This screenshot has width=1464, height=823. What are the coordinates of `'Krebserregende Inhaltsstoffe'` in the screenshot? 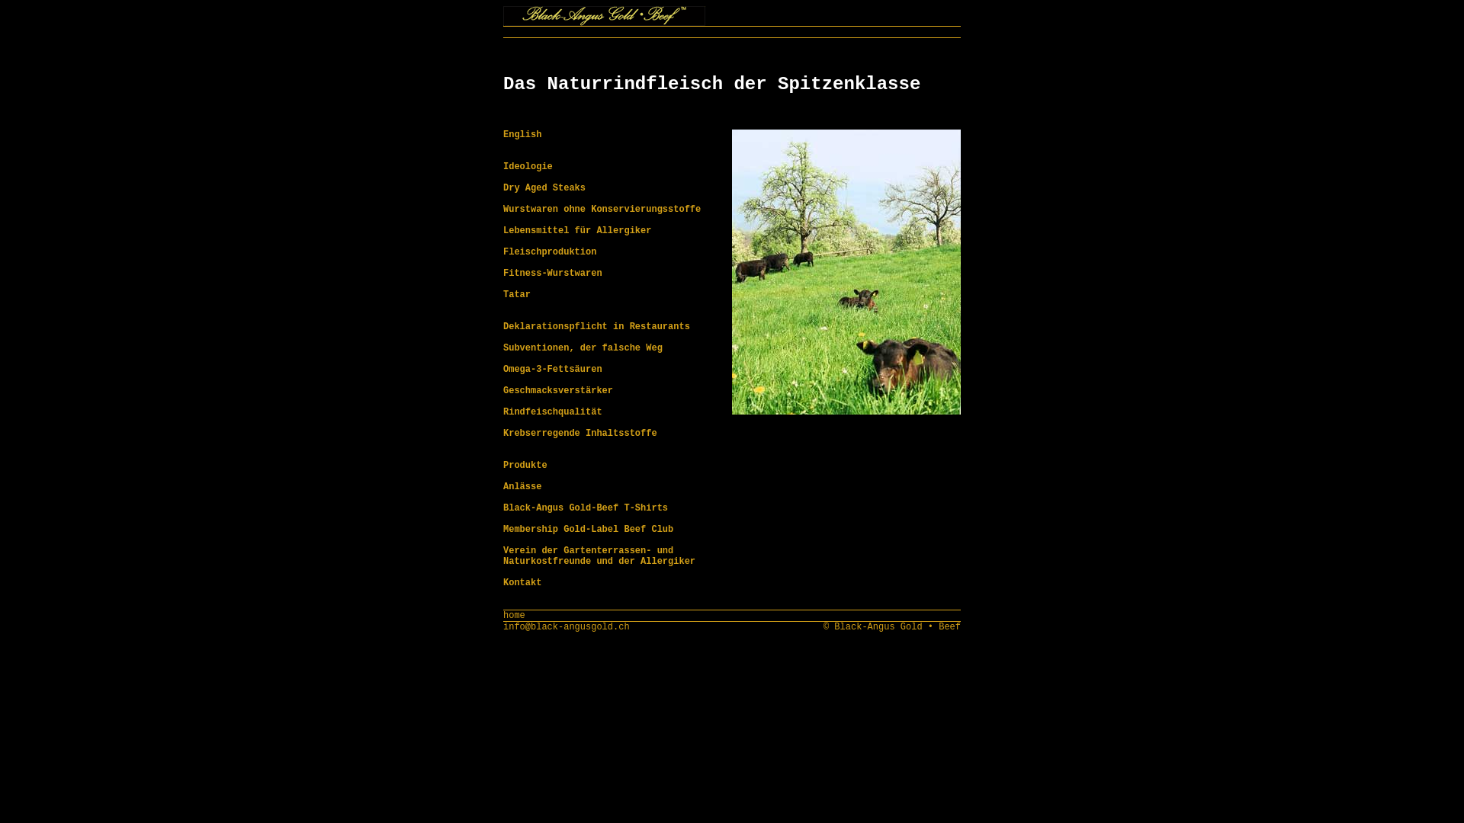 It's located at (579, 434).